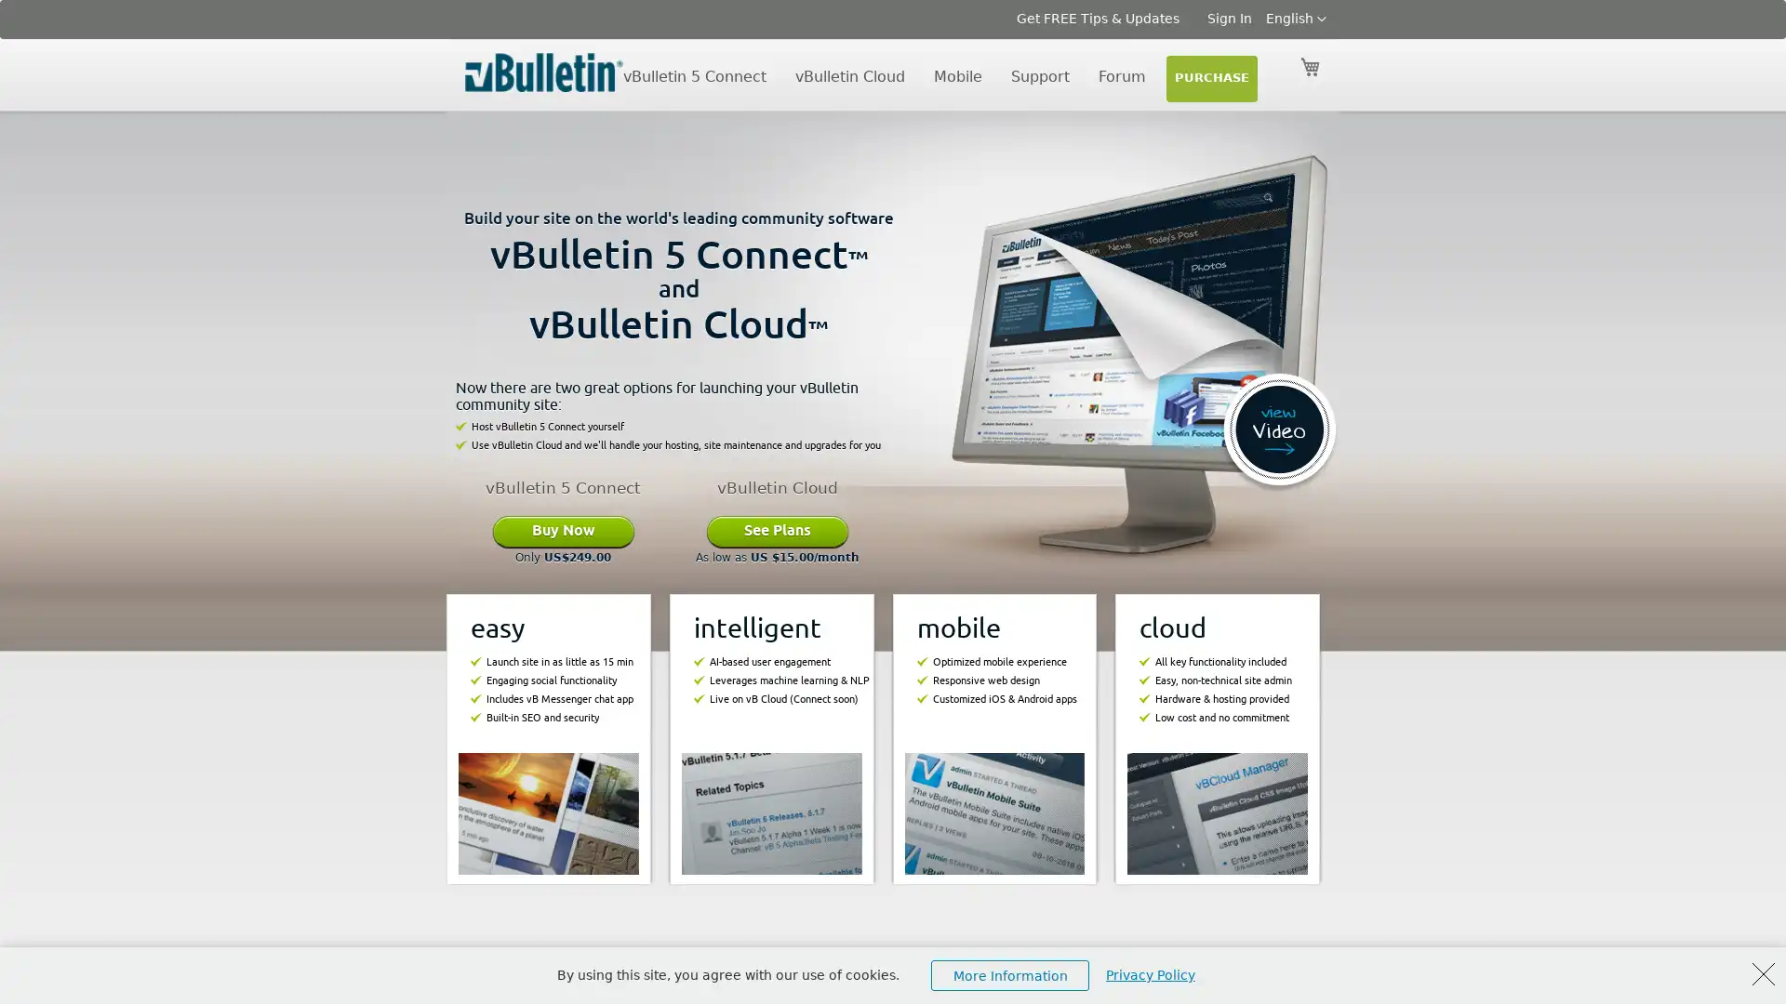 The width and height of the screenshot is (1786, 1004). I want to click on WebMD Close, so click(1763, 973).